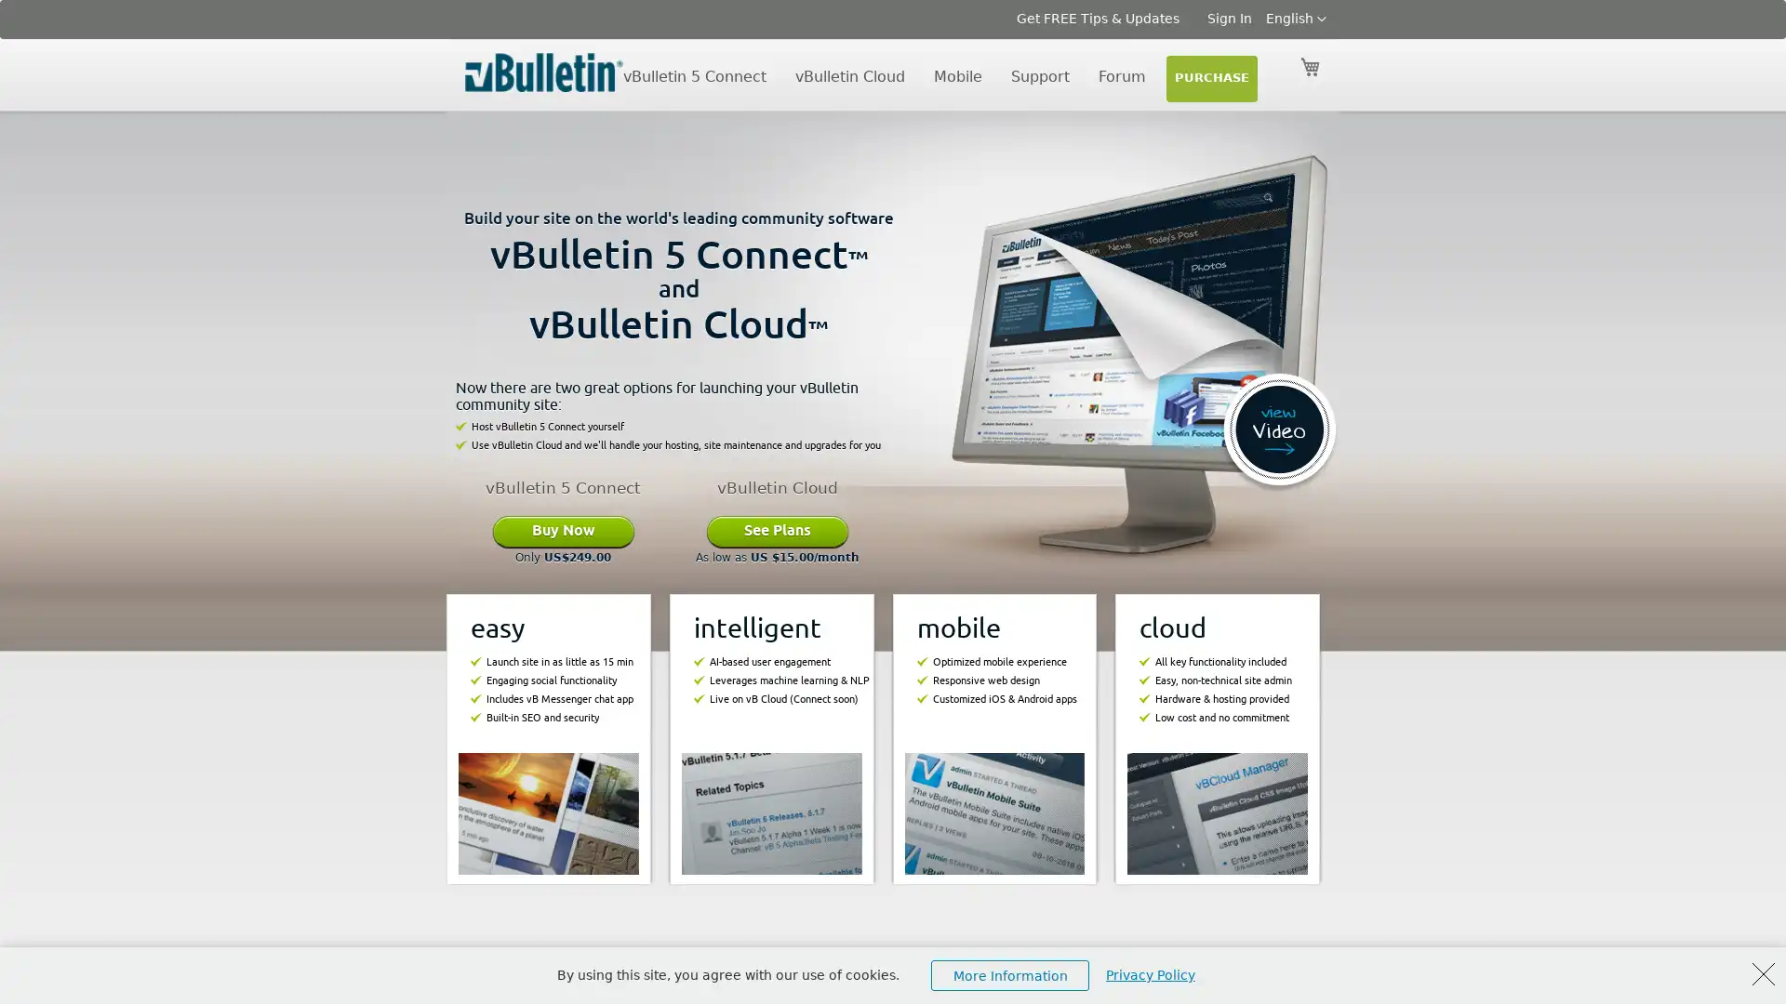 The width and height of the screenshot is (1786, 1004). I want to click on WebMD Close, so click(1763, 973).